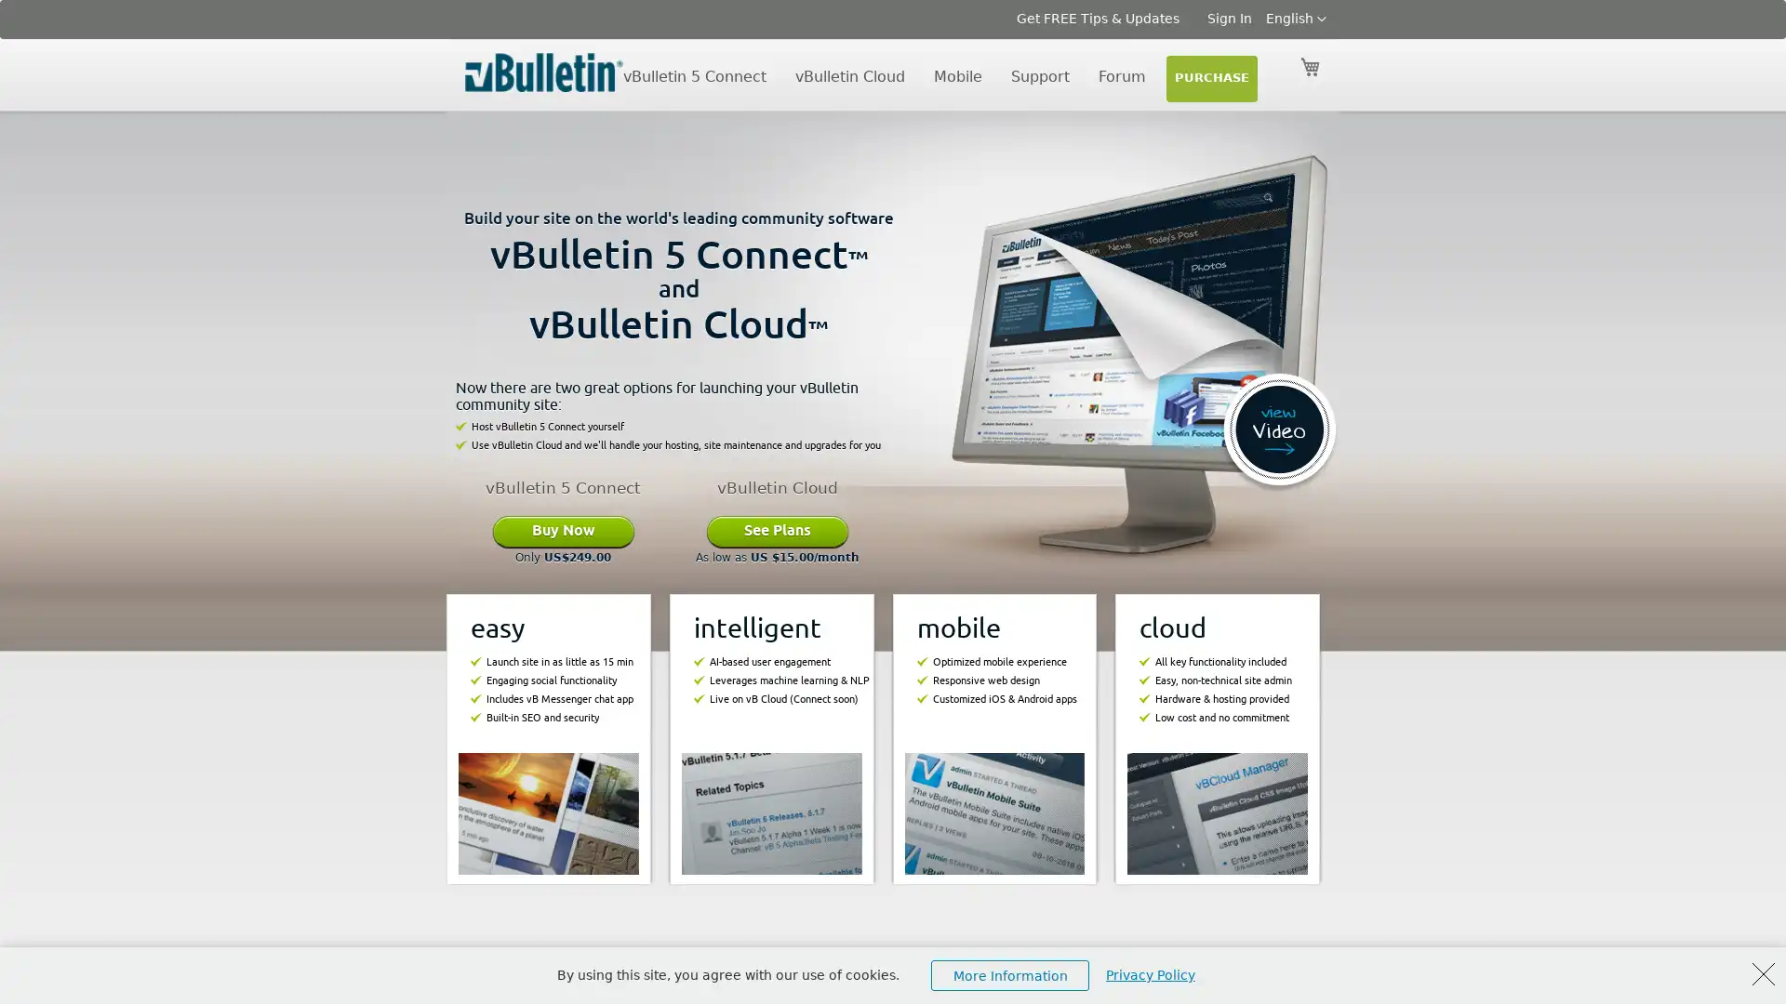 The width and height of the screenshot is (1786, 1004). I want to click on WebMD Close, so click(1763, 973).